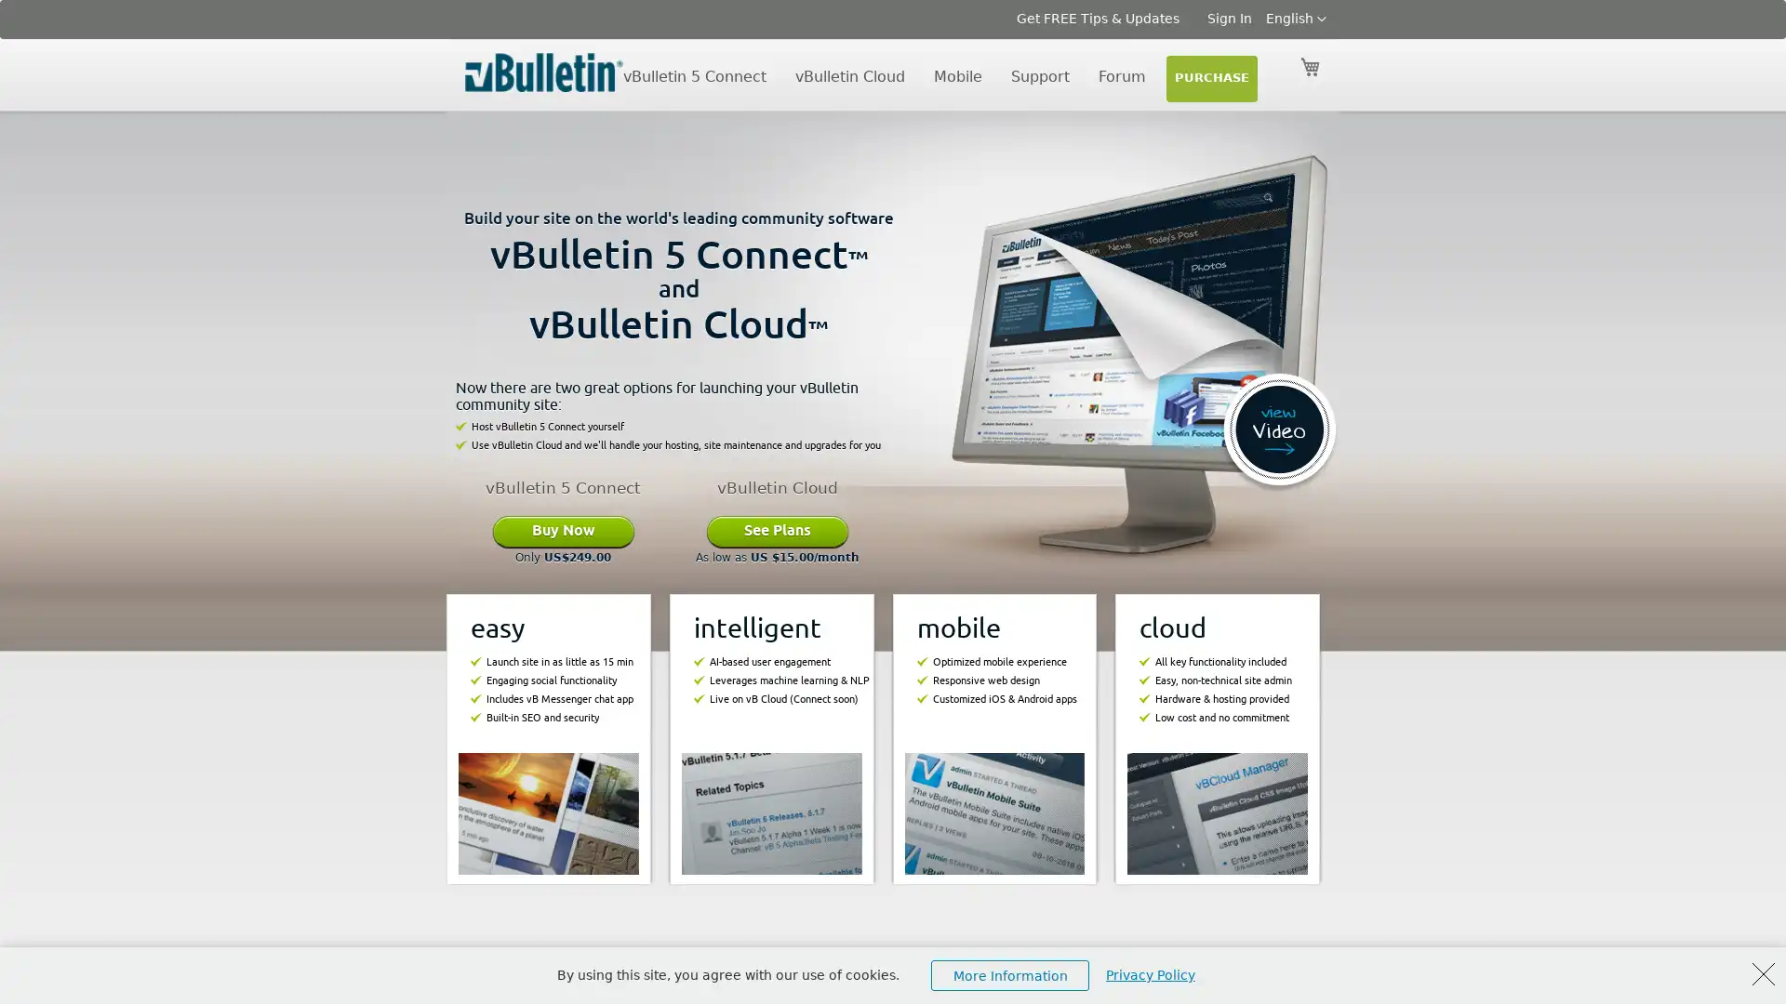 The width and height of the screenshot is (1786, 1004). I want to click on WebMD Close, so click(1763, 973).